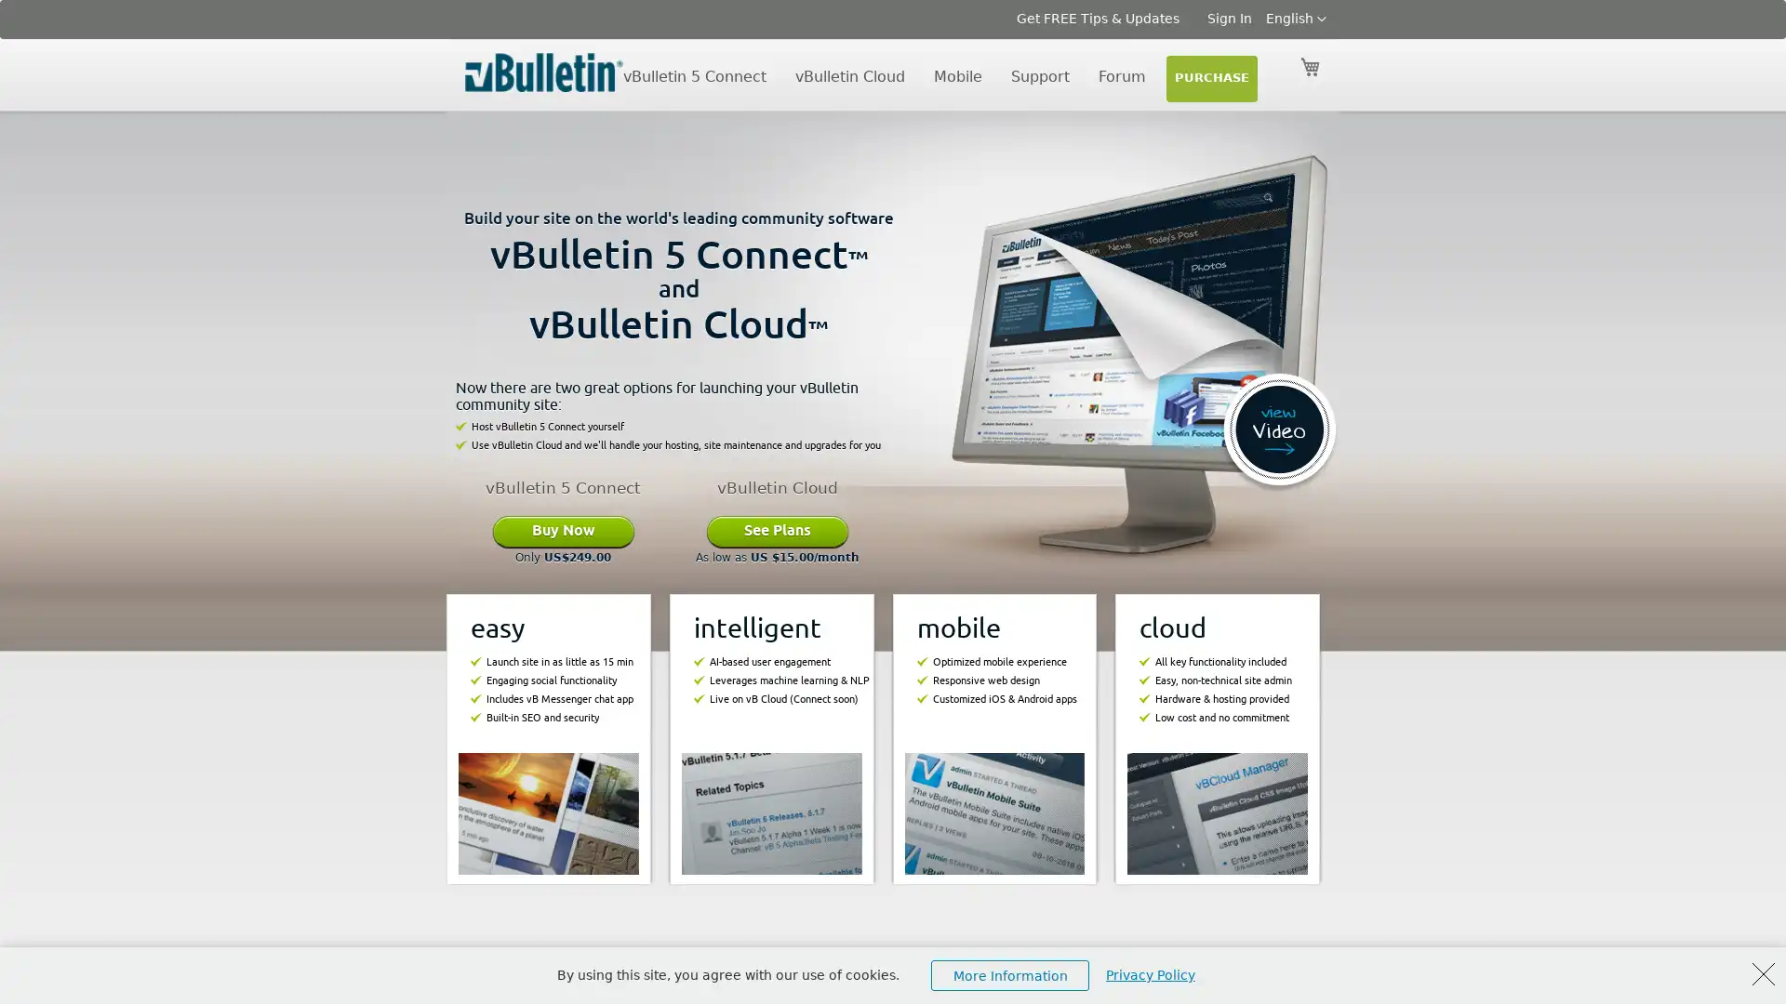 The width and height of the screenshot is (1786, 1004). I want to click on WebMD Close, so click(1763, 973).